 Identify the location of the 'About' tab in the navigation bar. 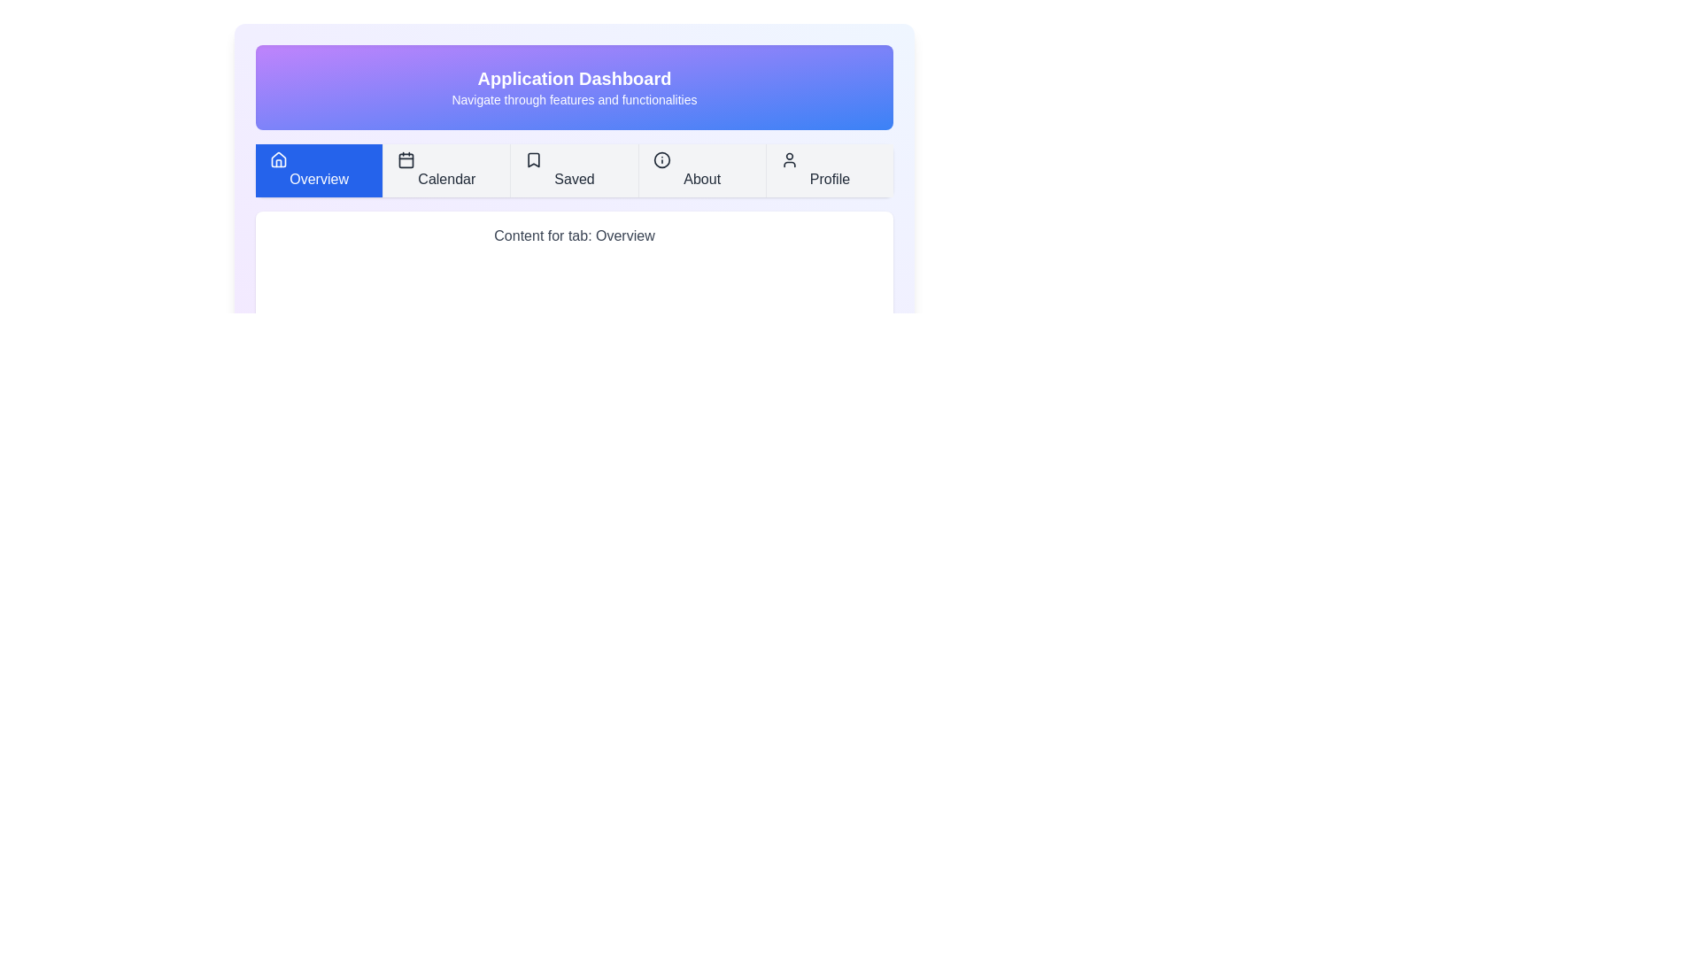
(701, 179).